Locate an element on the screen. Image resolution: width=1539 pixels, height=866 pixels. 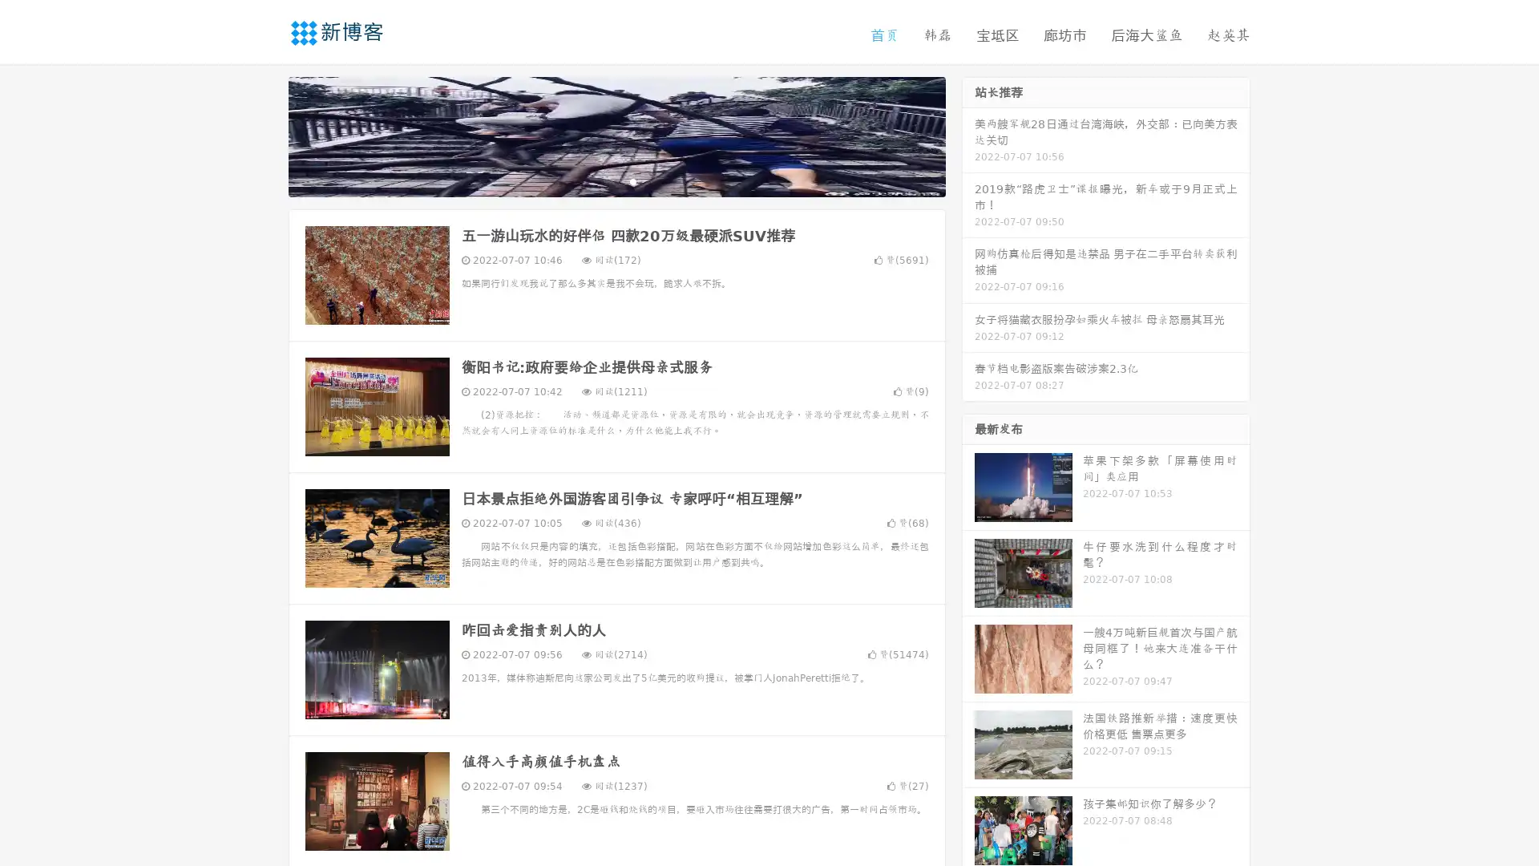
Go to slide 1 is located at coordinates (600, 180).